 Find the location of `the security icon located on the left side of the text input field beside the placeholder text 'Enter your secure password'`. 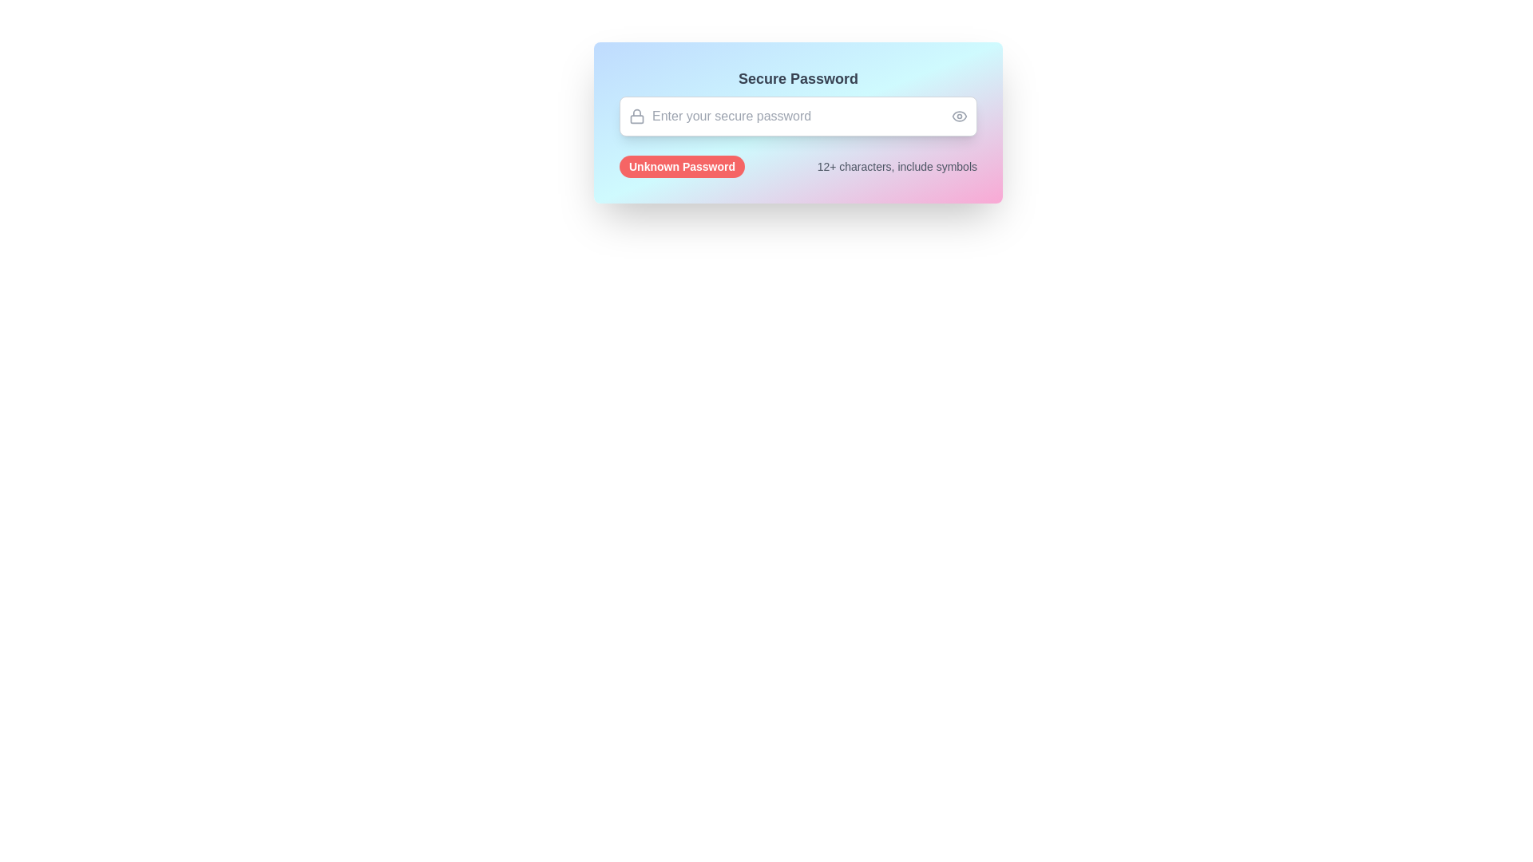

the security icon located on the left side of the text input field beside the placeholder text 'Enter your secure password' is located at coordinates (636, 116).